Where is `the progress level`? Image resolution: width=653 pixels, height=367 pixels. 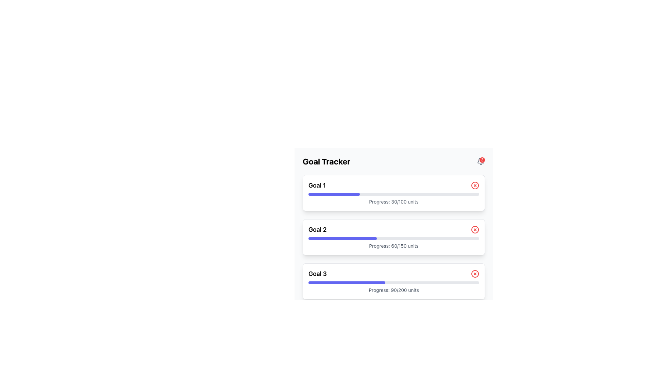 the progress level is located at coordinates (333, 238).